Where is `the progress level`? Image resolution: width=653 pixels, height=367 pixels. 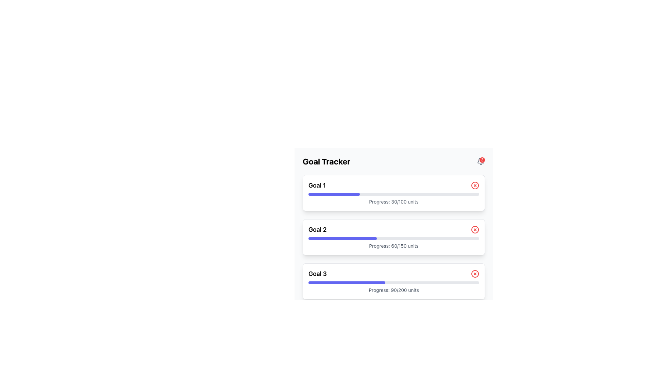 the progress level is located at coordinates (333, 238).